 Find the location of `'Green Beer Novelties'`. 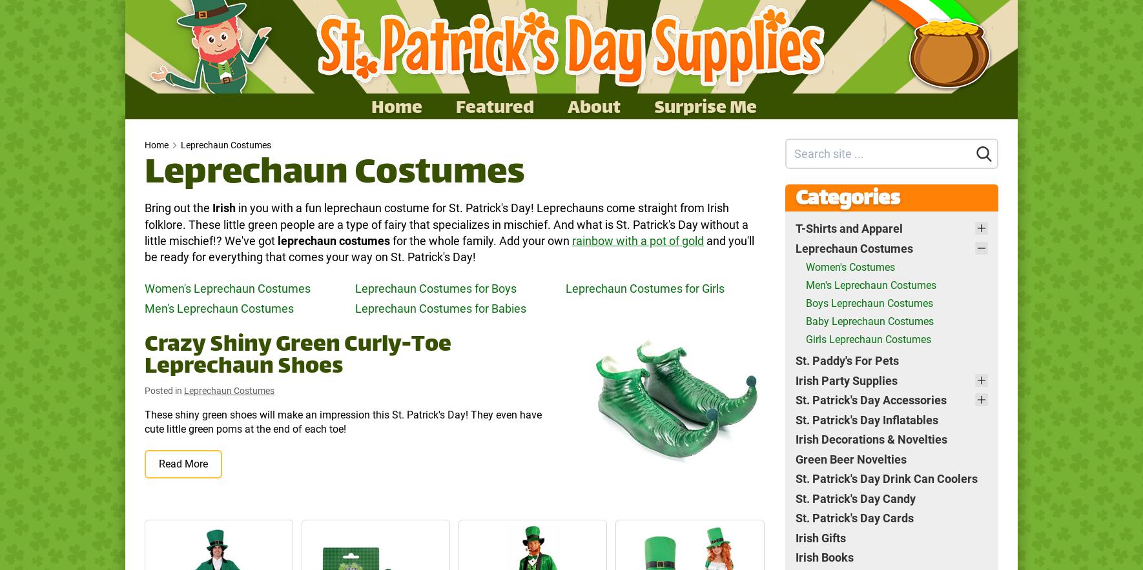

'Green Beer Novelties' is located at coordinates (850, 458).